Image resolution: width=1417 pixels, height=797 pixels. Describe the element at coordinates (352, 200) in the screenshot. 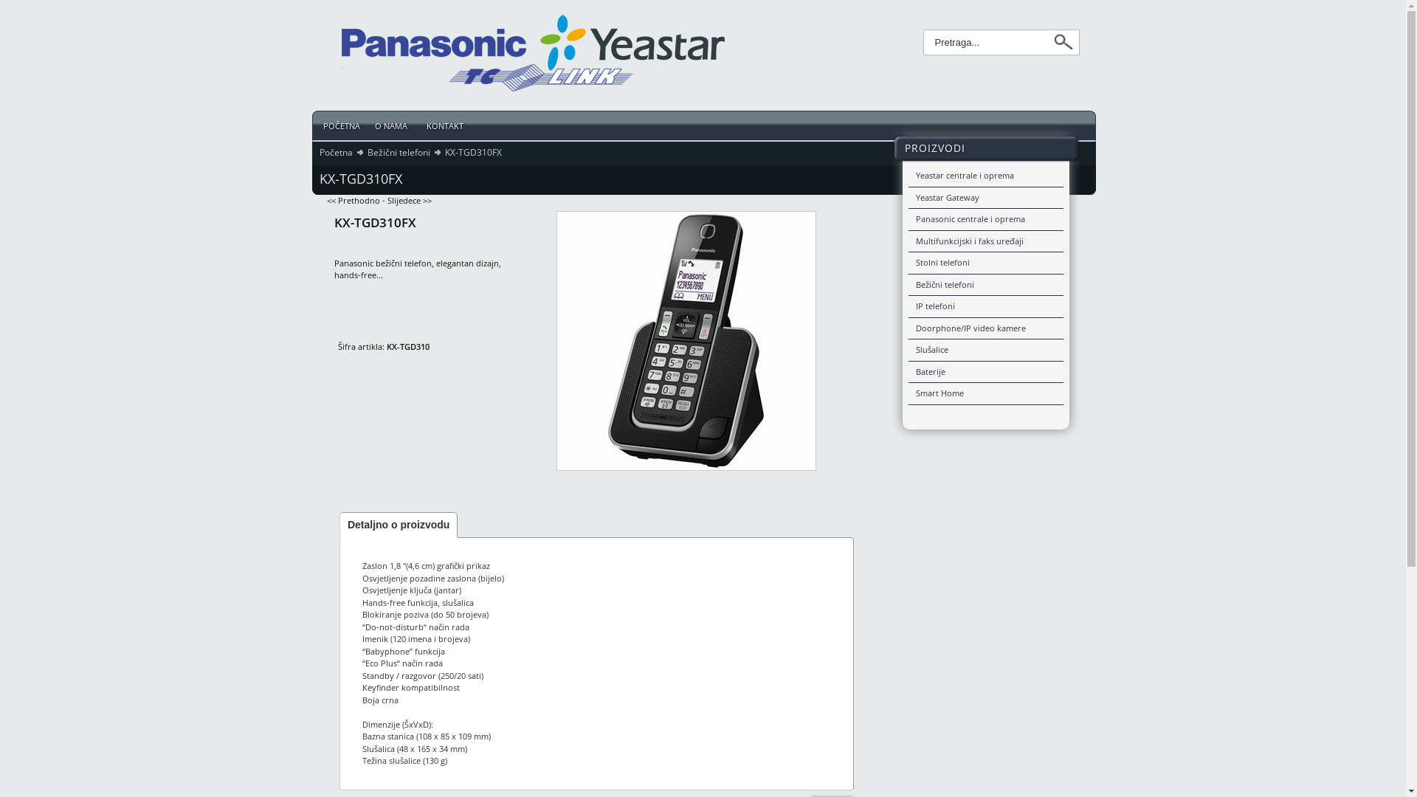

I see `'<< Prethodno'` at that location.